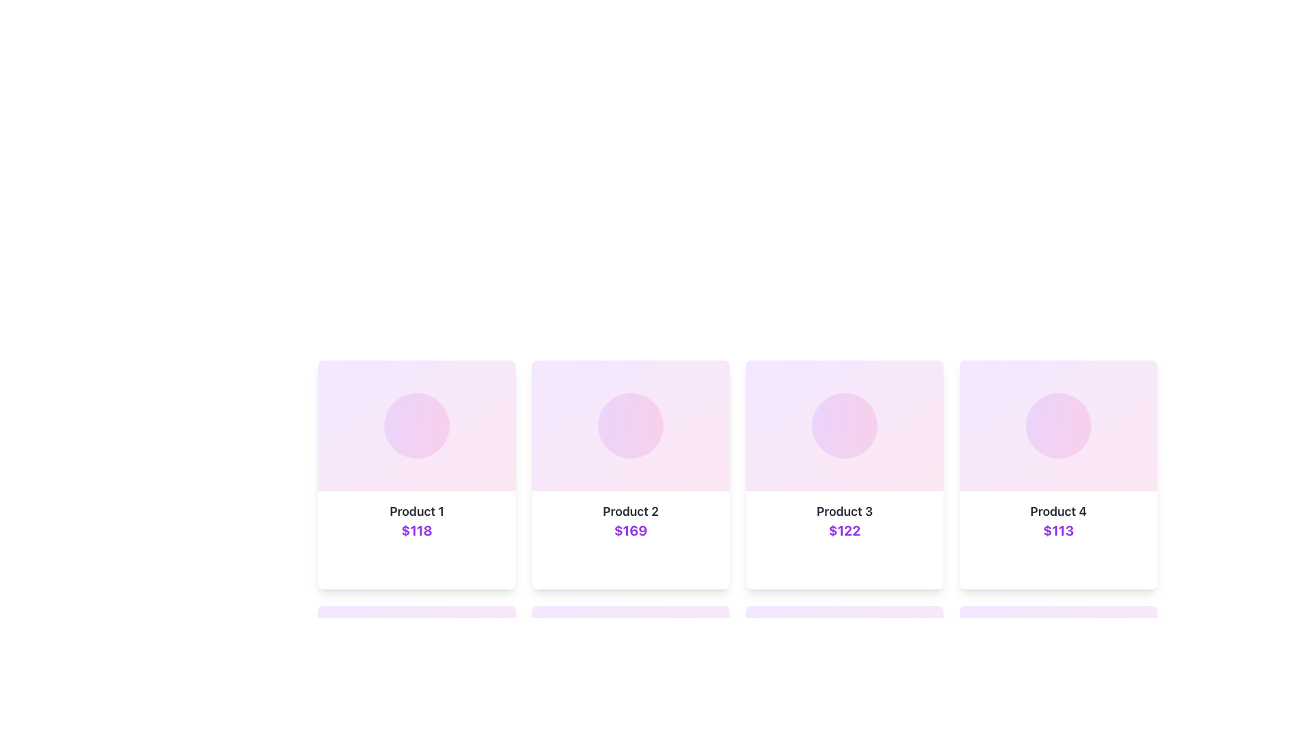  Describe the element at coordinates (843, 540) in the screenshot. I see `the Informational card displaying product information, positioned as the third card in a row` at that location.